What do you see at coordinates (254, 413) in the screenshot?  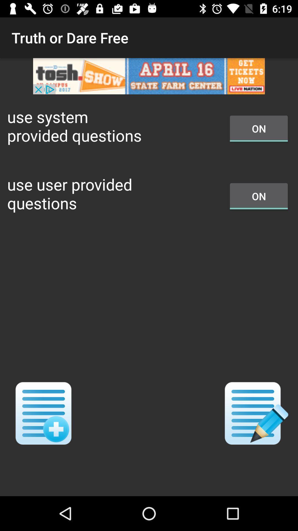 I see `notes` at bounding box center [254, 413].